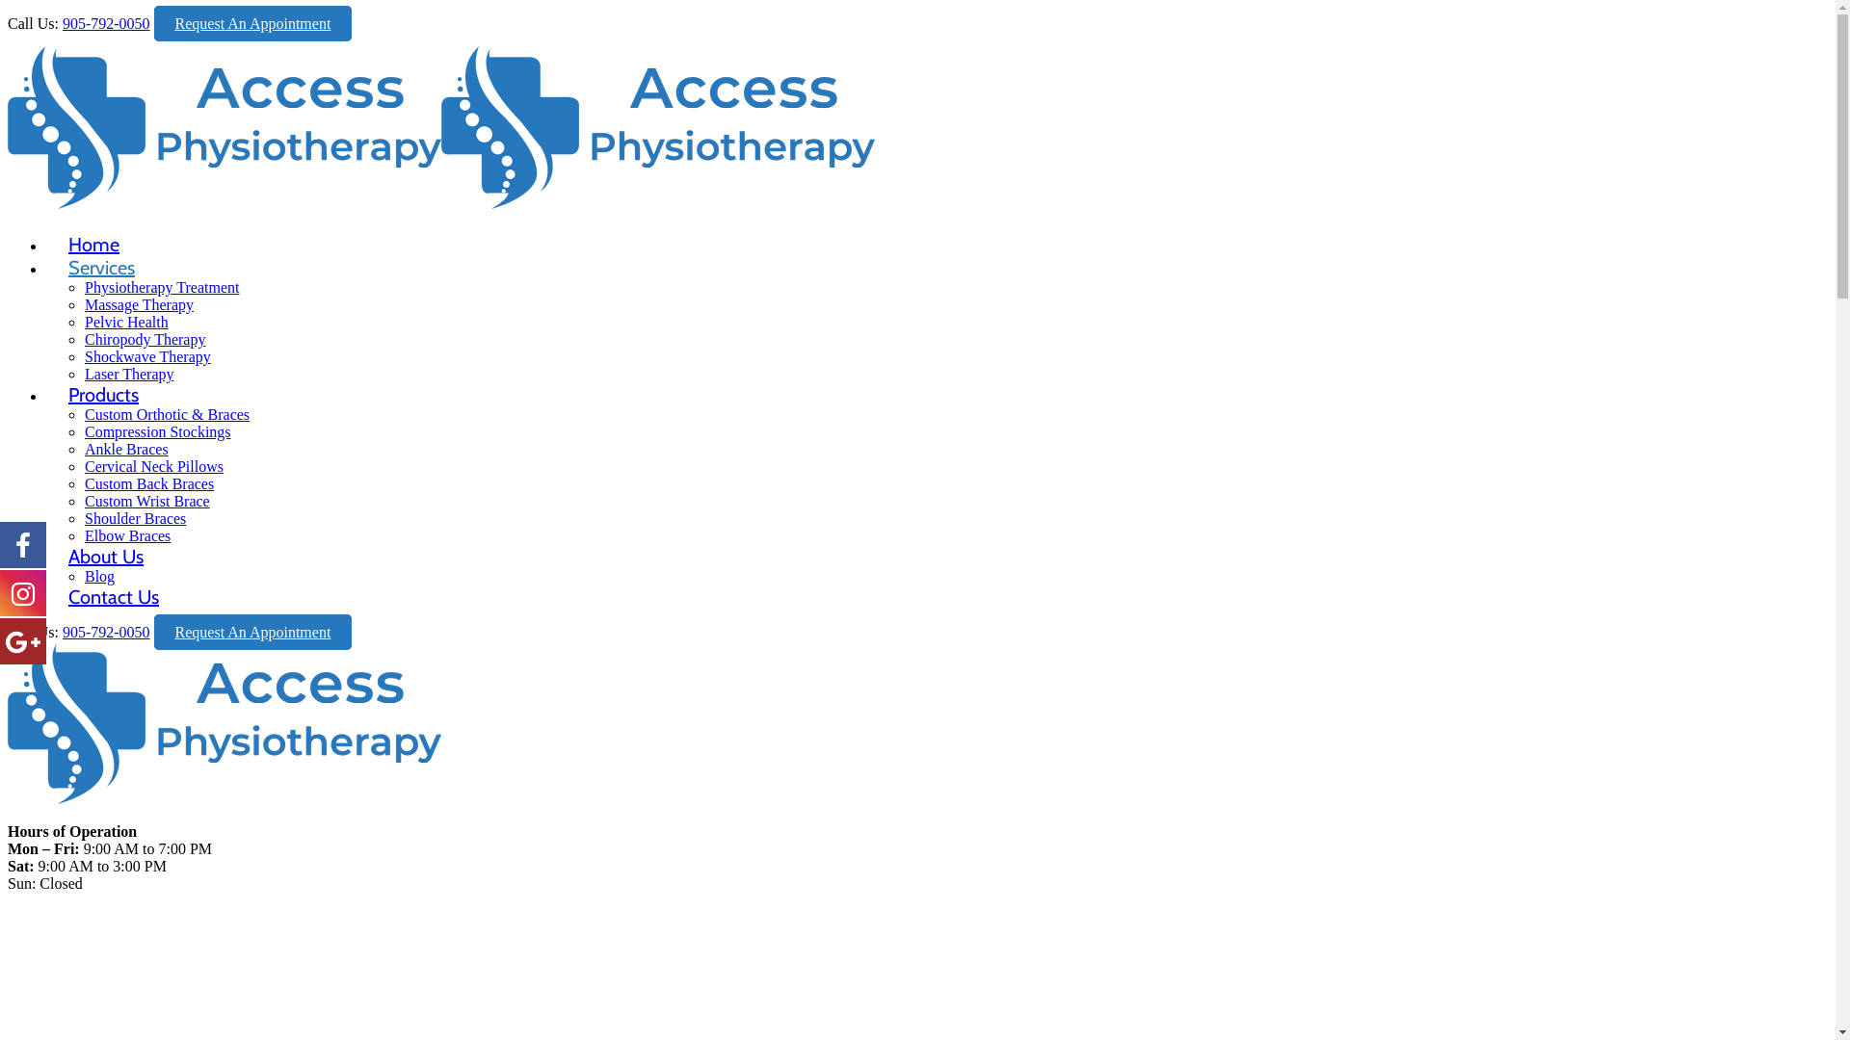 The width and height of the screenshot is (1850, 1040). I want to click on 'Shoulder Braces', so click(134, 517).